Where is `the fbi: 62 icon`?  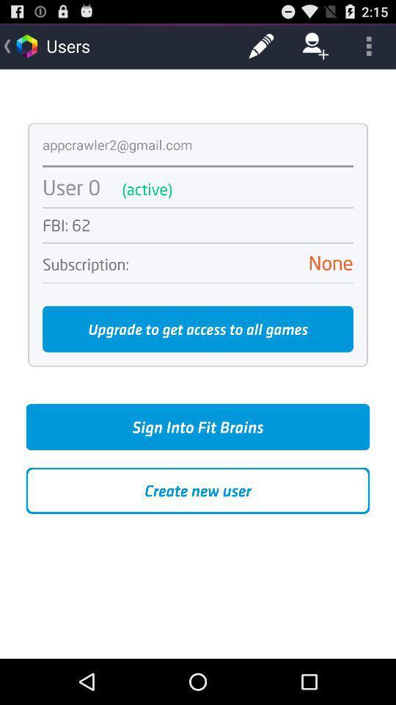 the fbi: 62 icon is located at coordinates (198, 225).